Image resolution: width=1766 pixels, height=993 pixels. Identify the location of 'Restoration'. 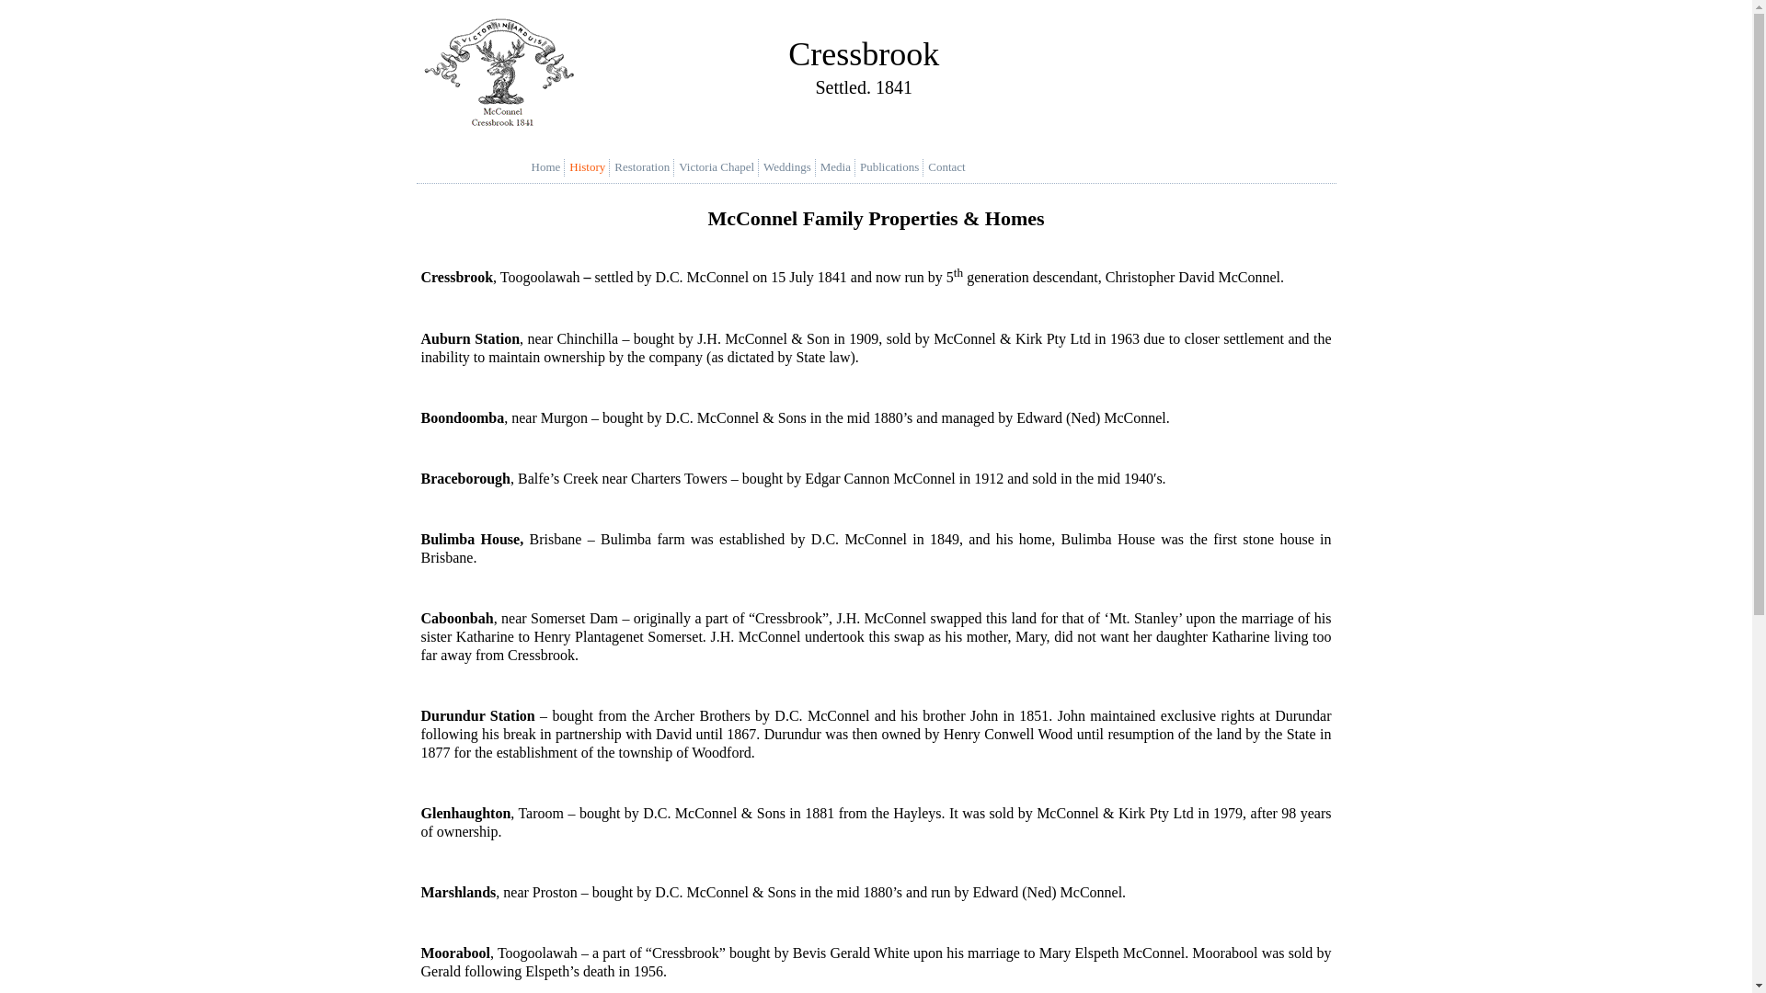
(646, 166).